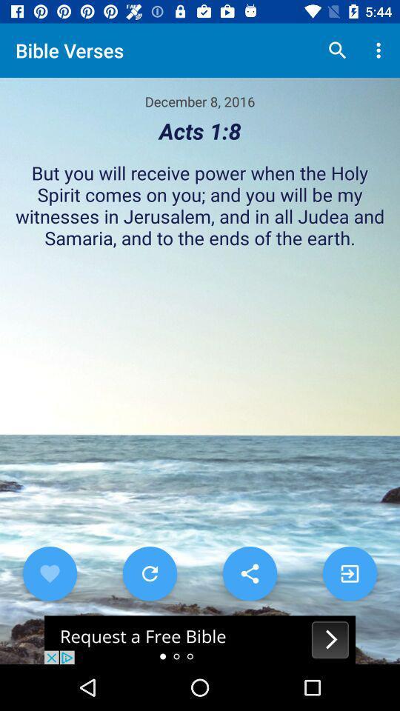 The width and height of the screenshot is (400, 711). I want to click on advertisement, so click(200, 639).